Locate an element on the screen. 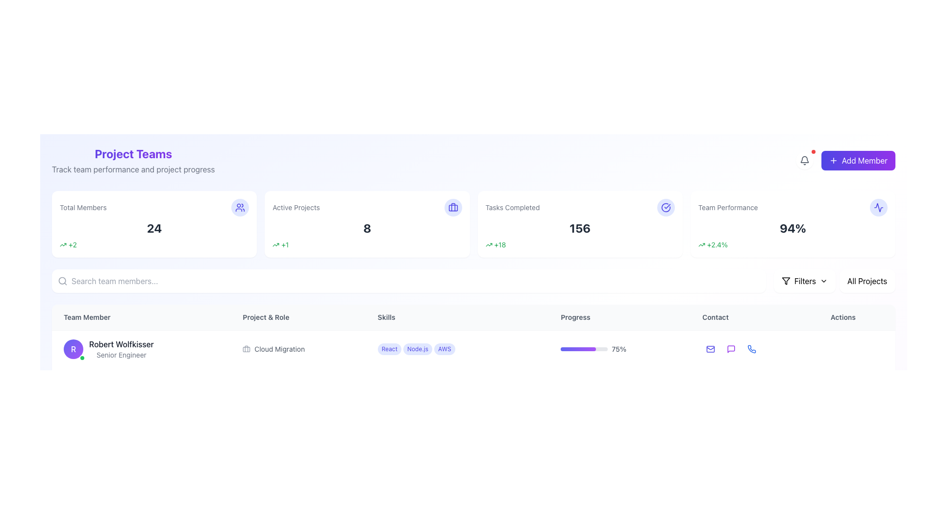 This screenshot has height=529, width=941. the text label '+2' which indicates an increase in the 'Total Members' count, located adjacent to the upward arrow icon within the 'Total Members' card is located at coordinates (72, 244).